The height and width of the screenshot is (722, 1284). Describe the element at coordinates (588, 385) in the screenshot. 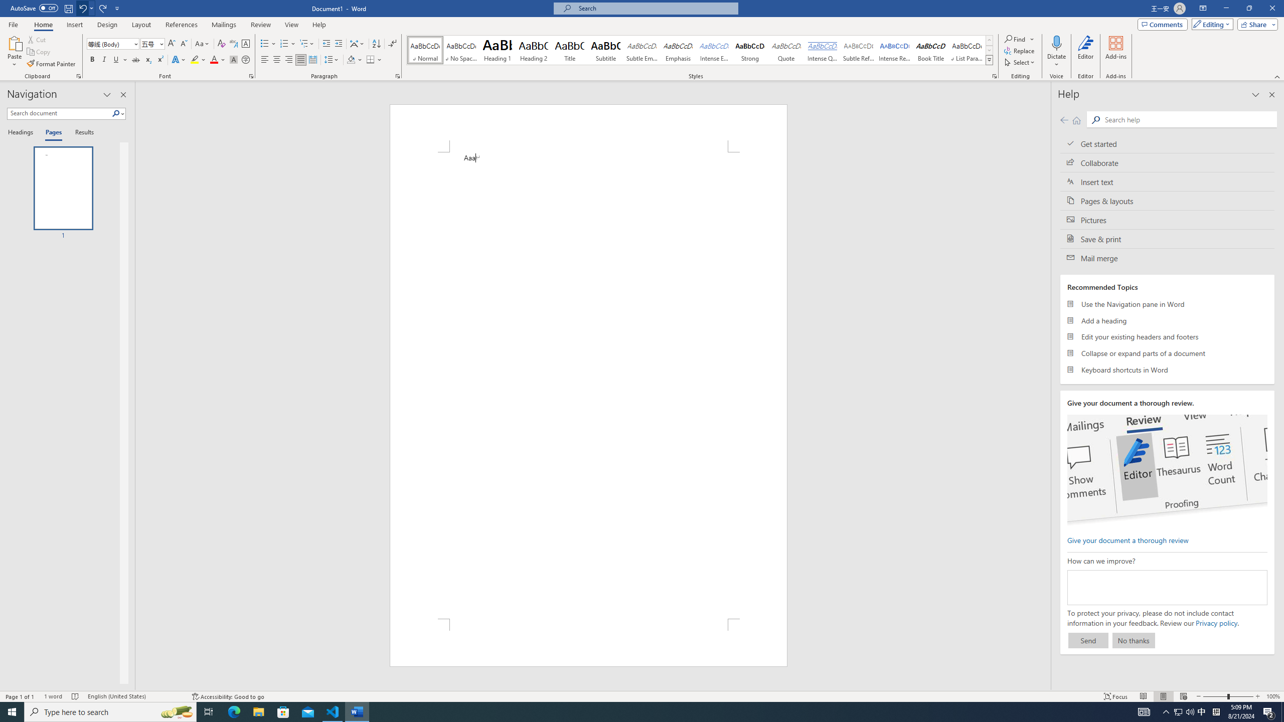

I see `'Page 1 content'` at that location.